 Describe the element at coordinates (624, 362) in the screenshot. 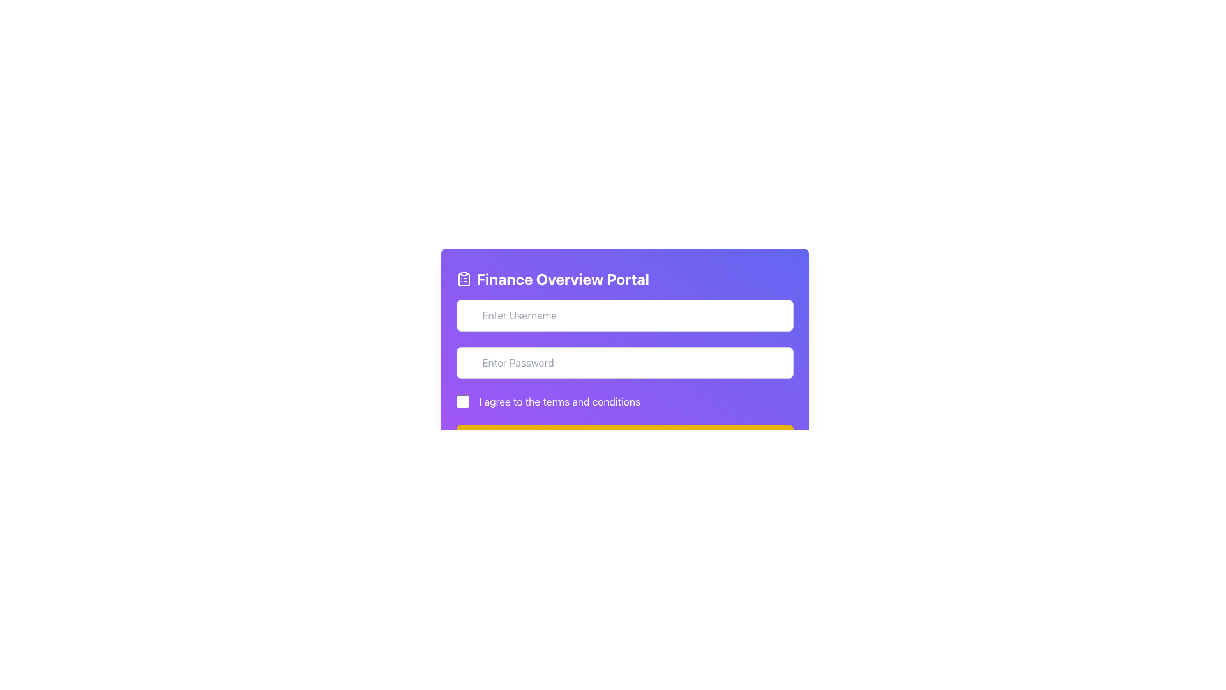

I see `the password input field to focus on it for entering the password` at that location.